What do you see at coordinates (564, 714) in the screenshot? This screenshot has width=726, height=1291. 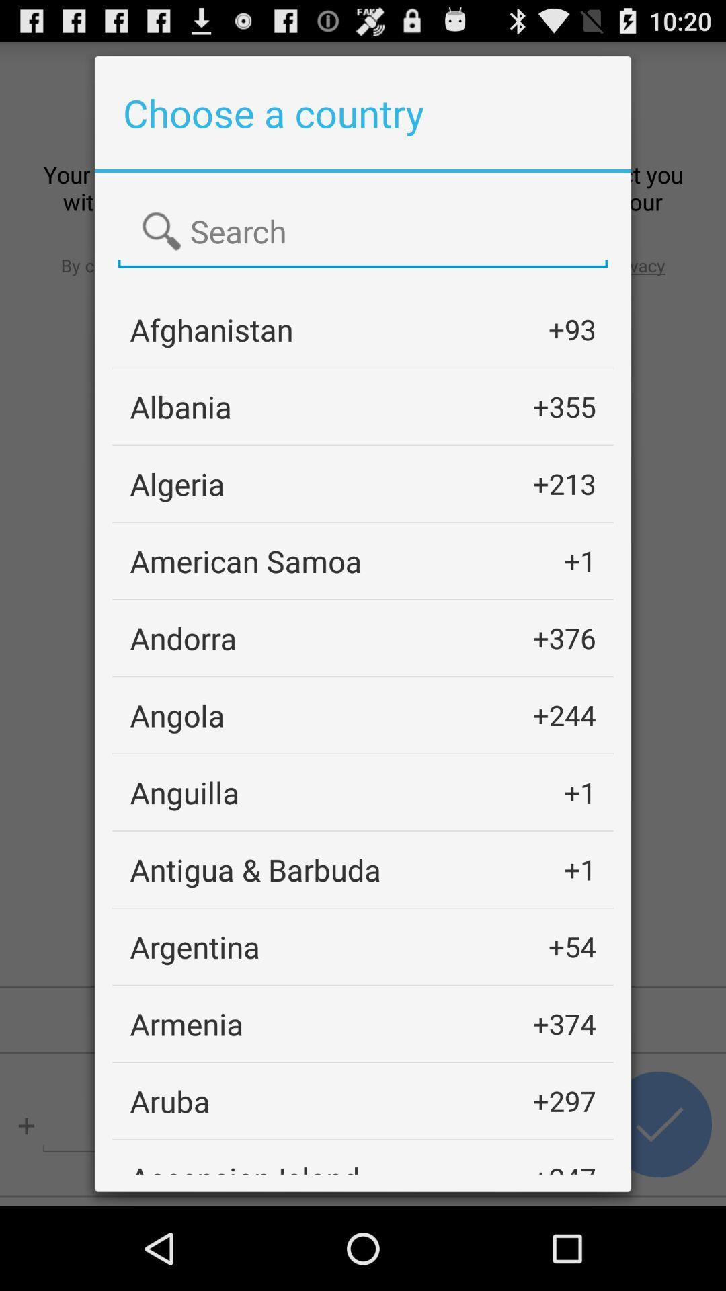 I see `the app above the +1 icon` at bounding box center [564, 714].